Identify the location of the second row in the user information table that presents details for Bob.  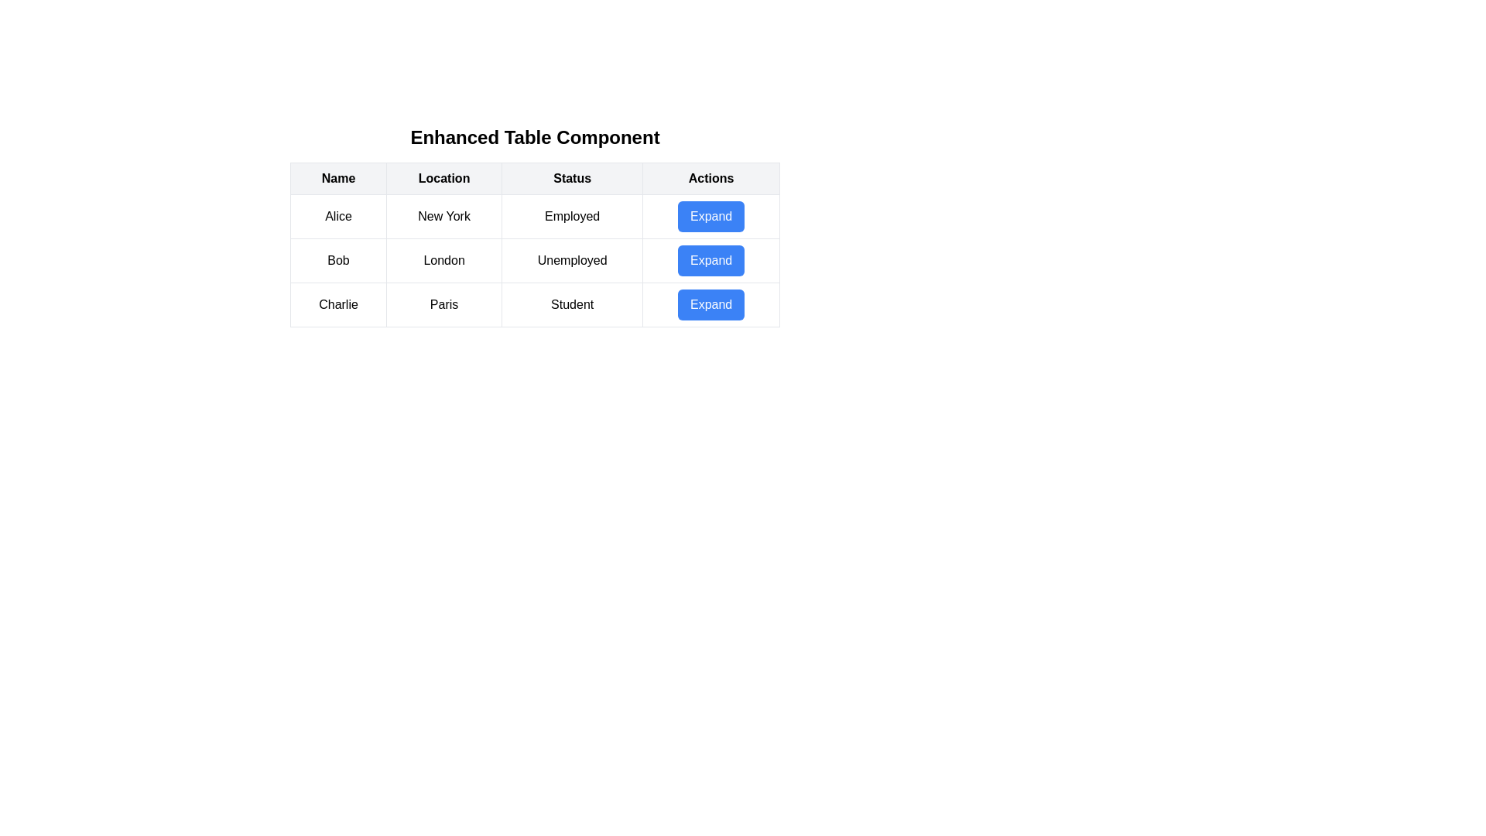
(535, 259).